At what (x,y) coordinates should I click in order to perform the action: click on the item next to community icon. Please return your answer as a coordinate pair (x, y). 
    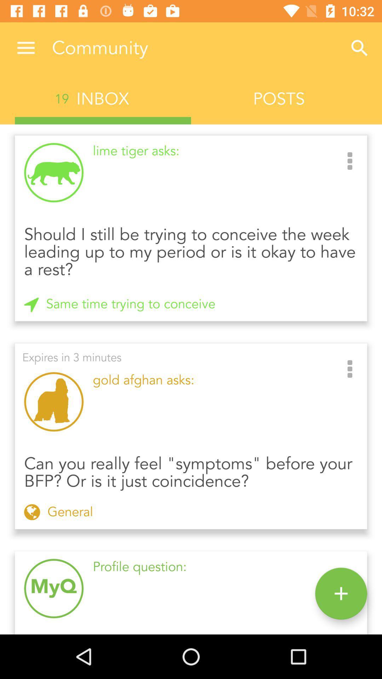
    Looking at the image, I should click on (360, 48).